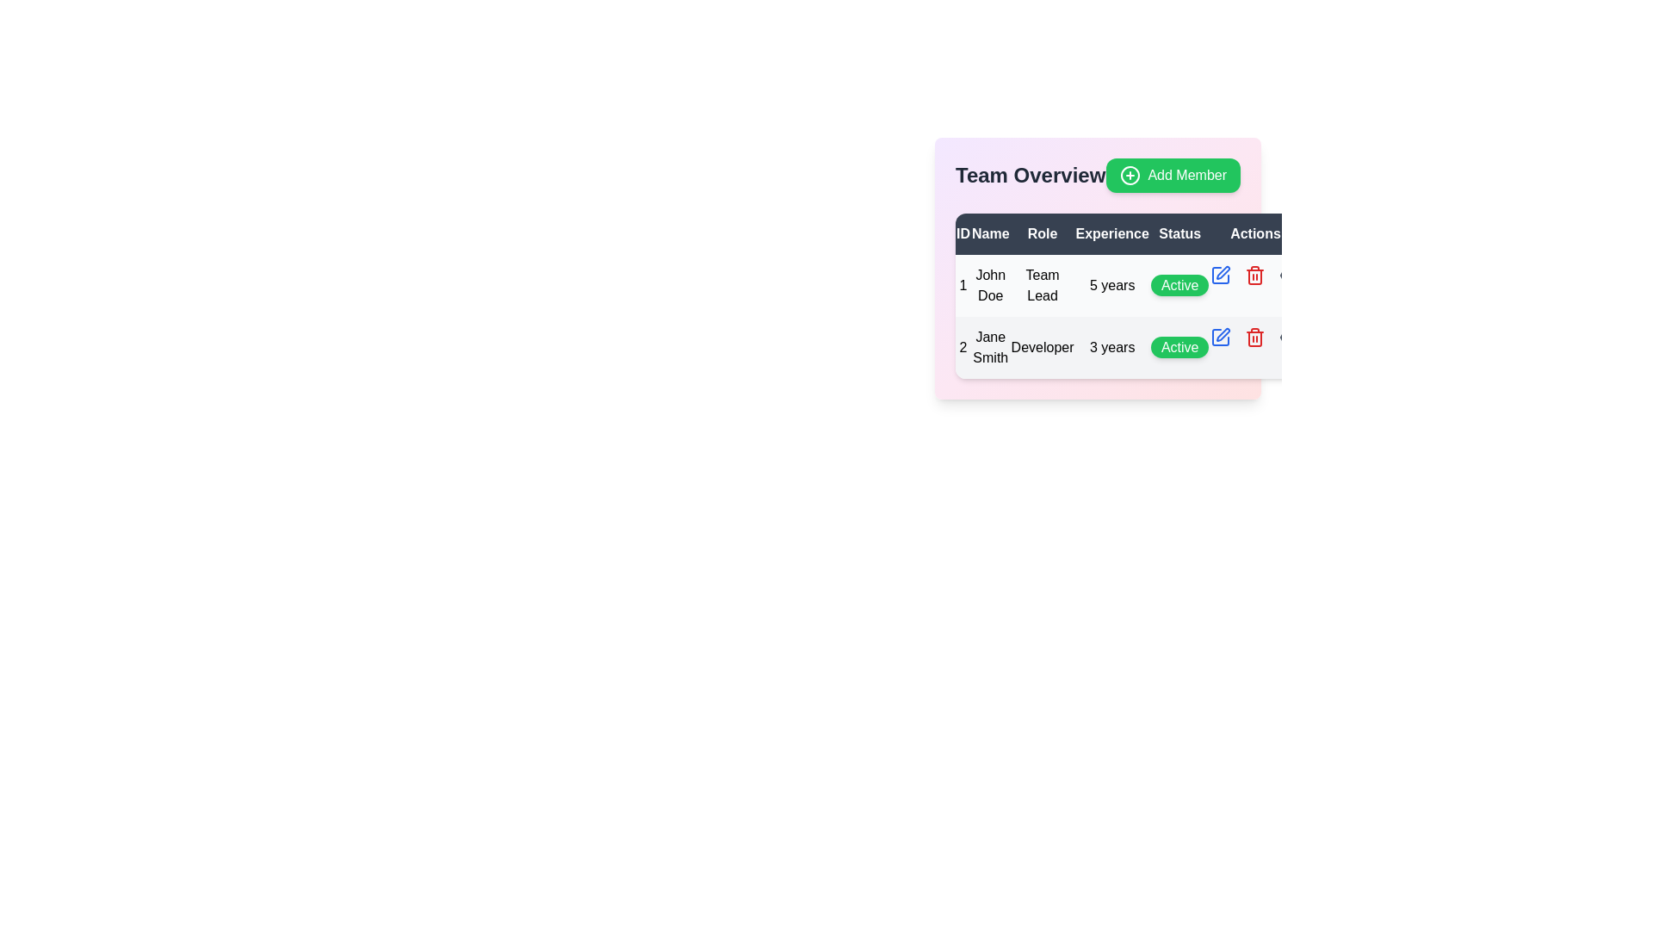 The height and width of the screenshot is (930, 1653). Describe the element at coordinates (1128, 316) in the screenshot. I see `the first row of the data table, which displays '1', 'John Doe', 'Team Lead', '5 years', 'Active', and includes action icons` at that location.